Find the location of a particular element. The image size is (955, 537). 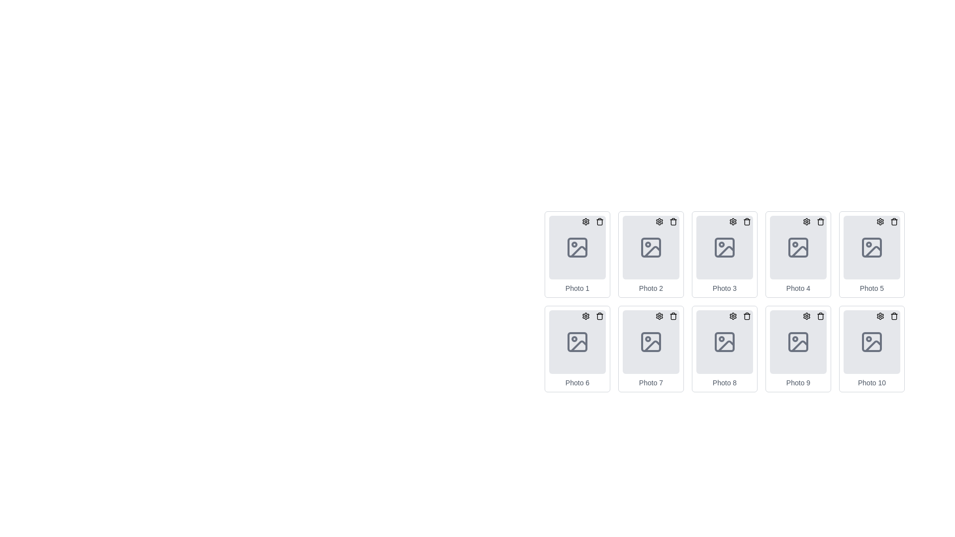

decorative icon element located in the second slot of the first row within the SVG image grid layout is located at coordinates (652, 251).